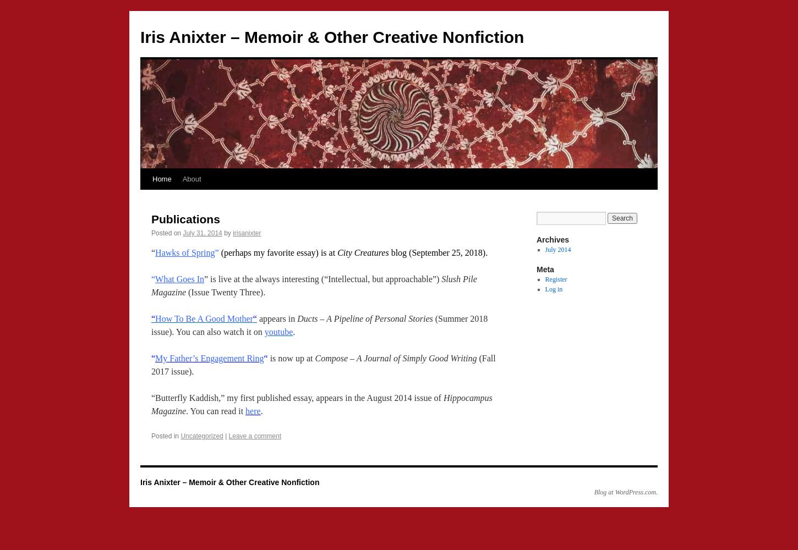 This screenshot has height=550, width=798. Describe the element at coordinates (225, 436) in the screenshot. I see `'|'` at that location.